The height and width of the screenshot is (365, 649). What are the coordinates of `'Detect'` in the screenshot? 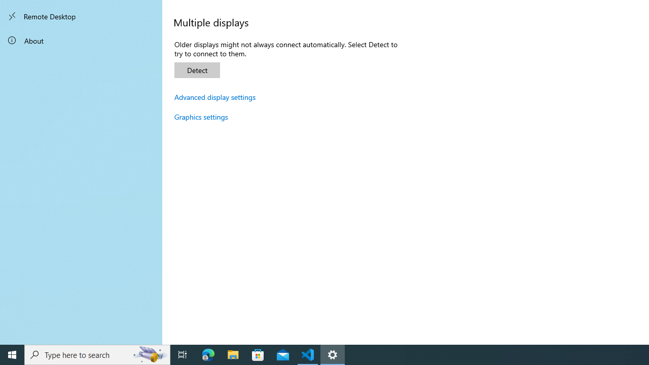 It's located at (197, 69).